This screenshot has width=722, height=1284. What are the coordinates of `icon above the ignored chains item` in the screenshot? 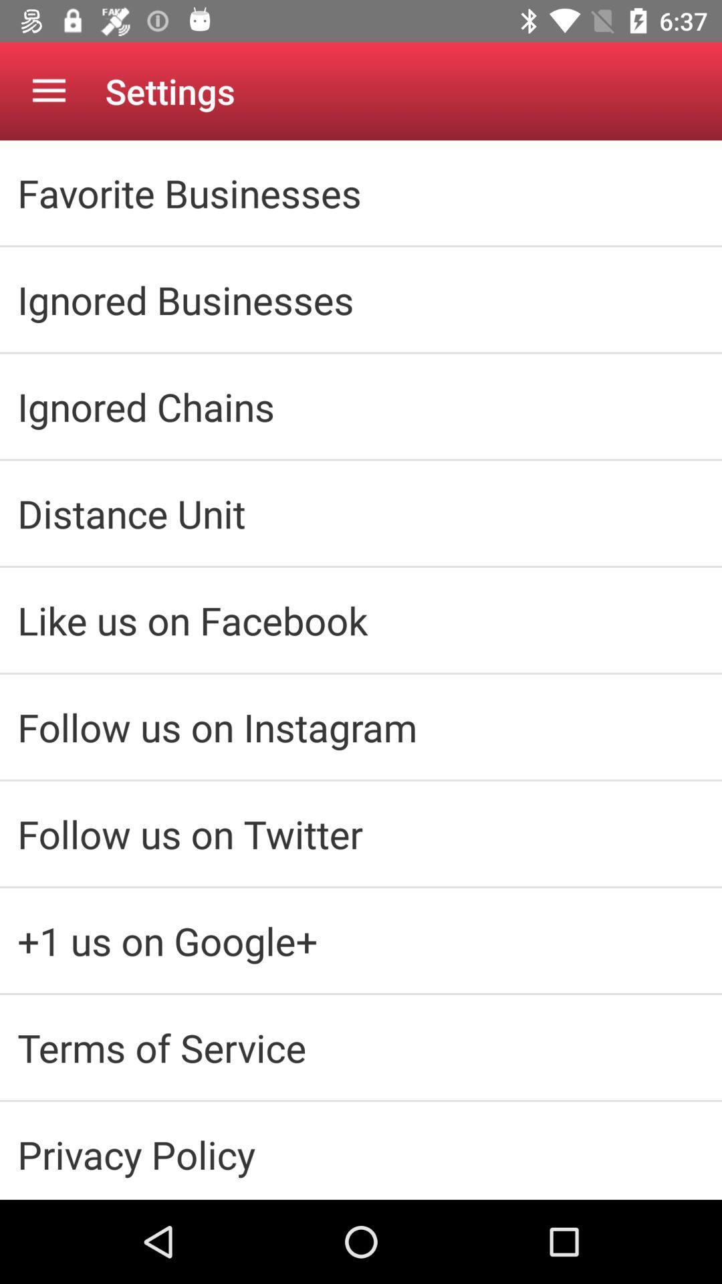 It's located at (361, 299).